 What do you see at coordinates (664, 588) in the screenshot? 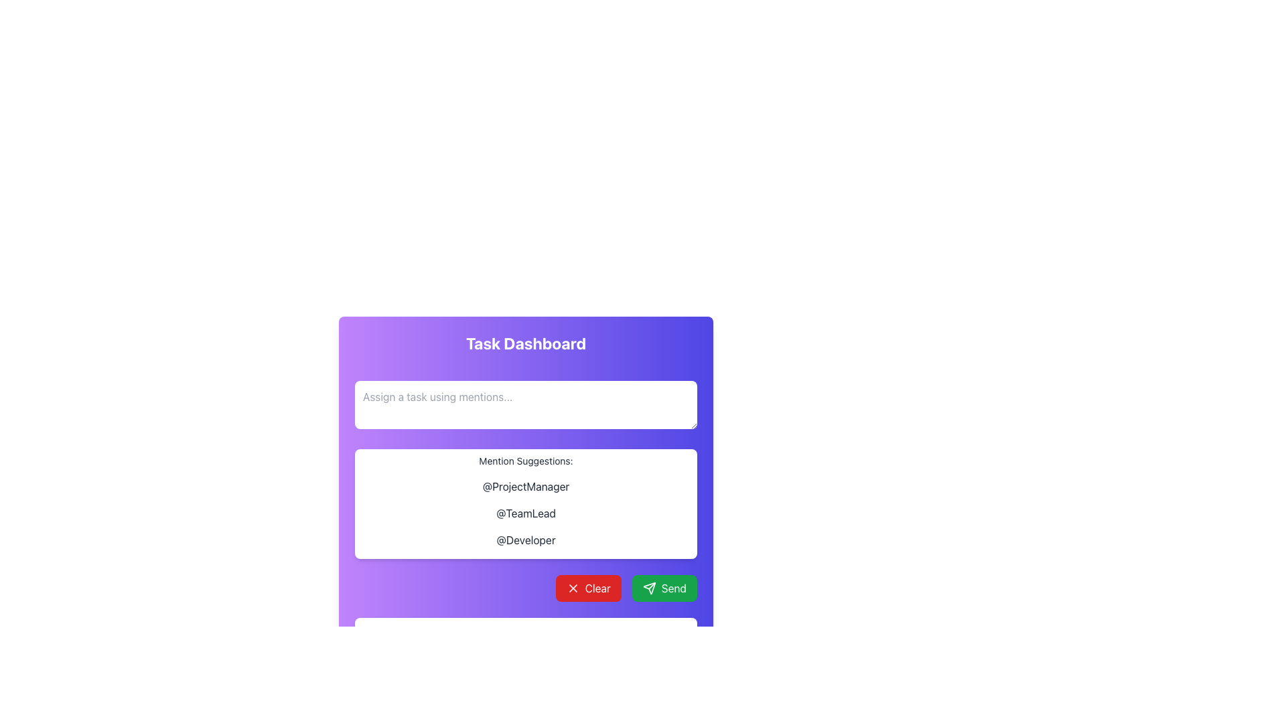
I see `the green 'Send' button with rounded corners, located at the bottom-right corner of the interface` at bounding box center [664, 588].